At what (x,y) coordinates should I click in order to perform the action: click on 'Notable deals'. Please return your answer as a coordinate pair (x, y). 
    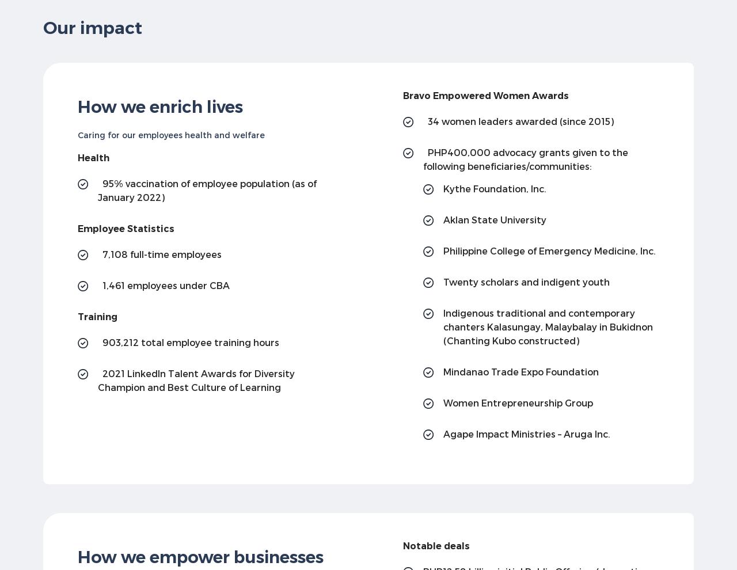
    Looking at the image, I should click on (436, 546).